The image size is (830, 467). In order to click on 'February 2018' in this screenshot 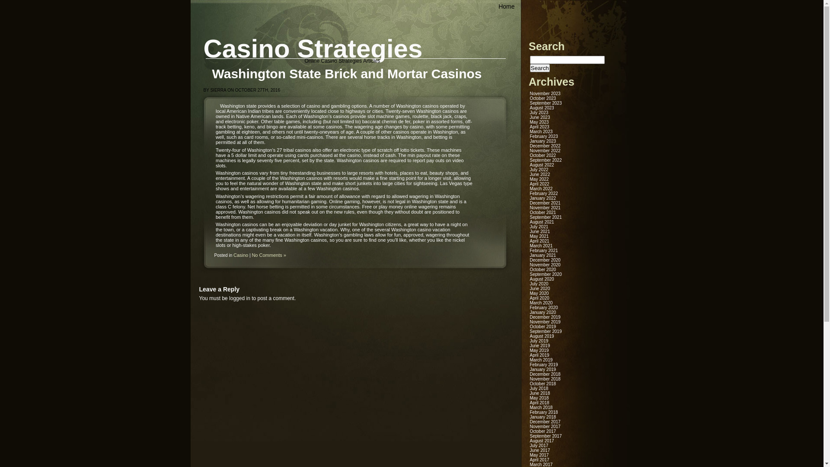, I will do `click(543, 412)`.